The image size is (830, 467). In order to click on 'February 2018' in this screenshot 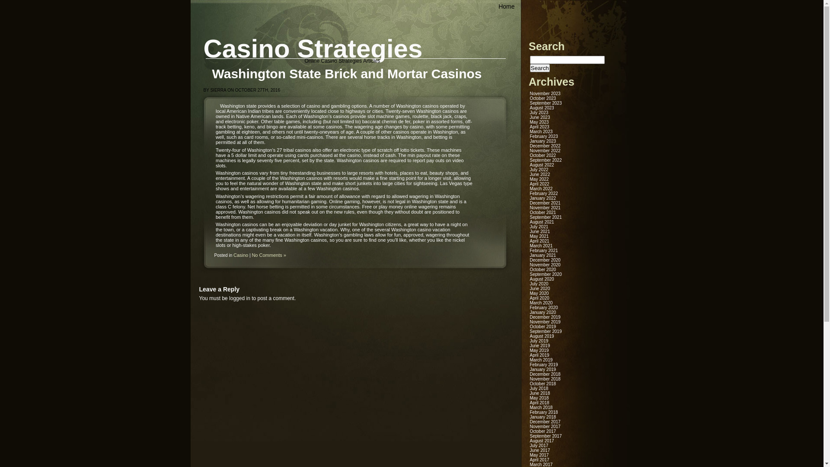, I will do `click(543, 412)`.